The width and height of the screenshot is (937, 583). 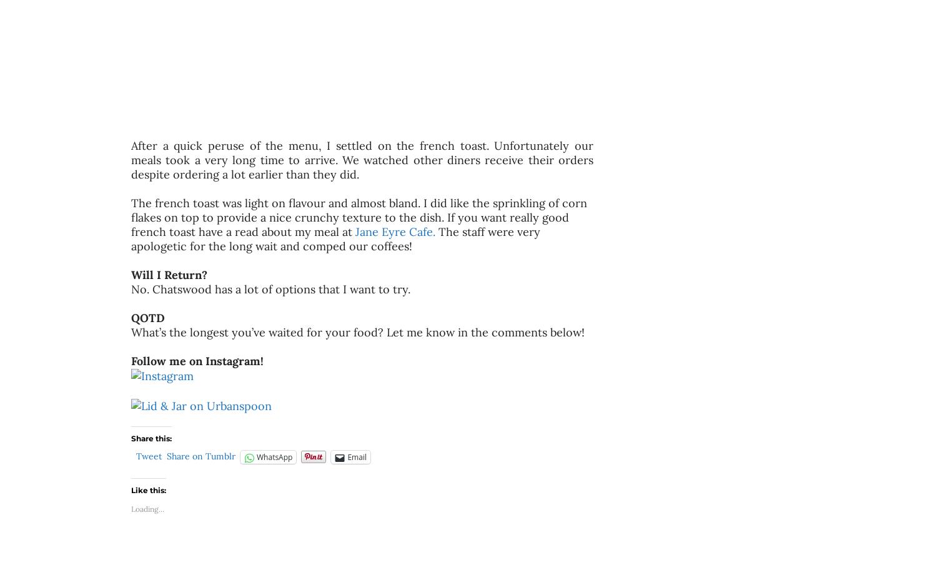 What do you see at coordinates (147, 317) in the screenshot?
I see `'QOTD'` at bounding box center [147, 317].